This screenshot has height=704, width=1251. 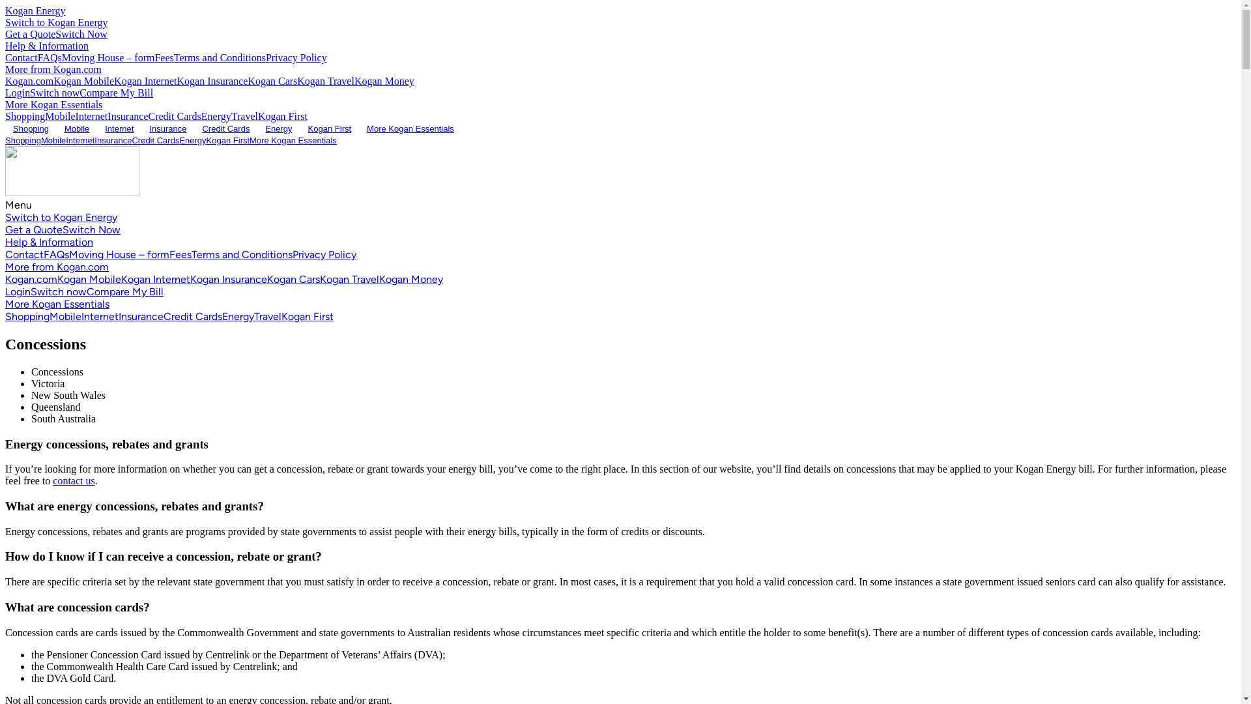 I want to click on 'Switch Now', so click(x=80, y=33).